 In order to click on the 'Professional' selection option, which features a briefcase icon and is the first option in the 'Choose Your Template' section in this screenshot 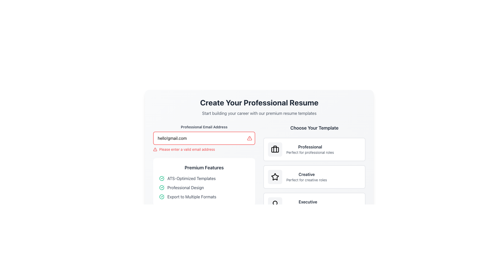, I will do `click(314, 149)`.